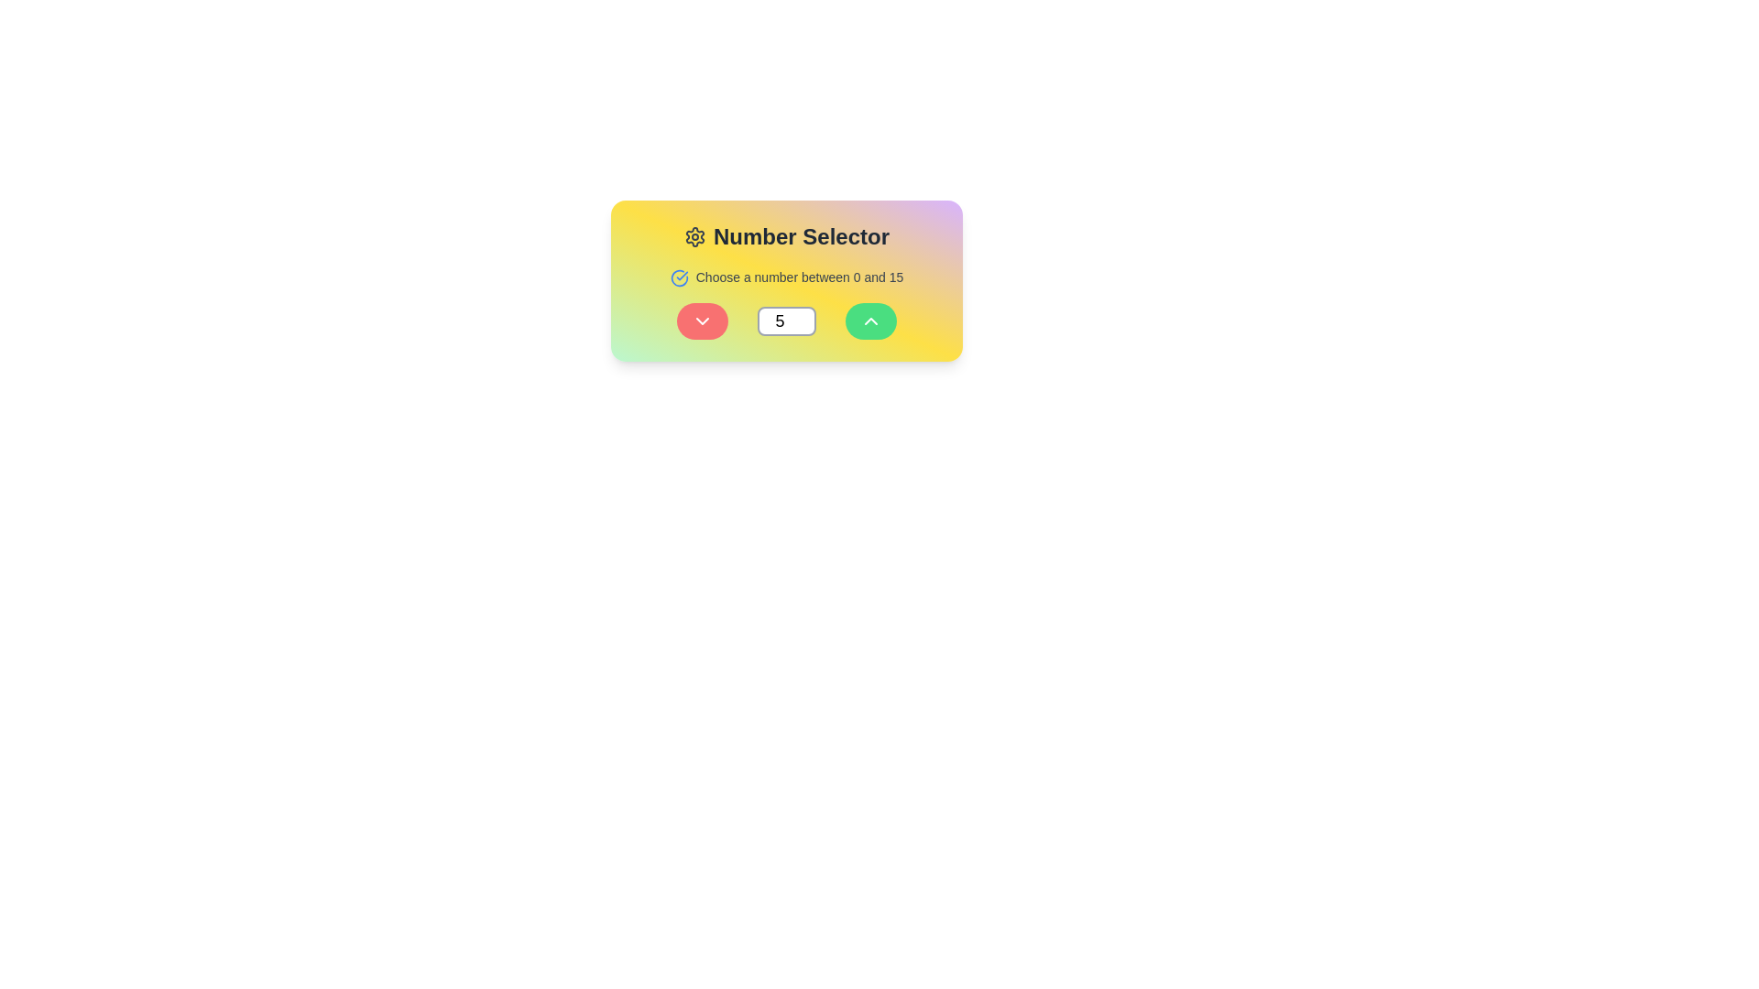 The height and width of the screenshot is (989, 1759). I want to click on the gear/settings icon located in the top-left corner of the 'Number Selector' interface, positioned to the left of the title text, so click(694, 235).